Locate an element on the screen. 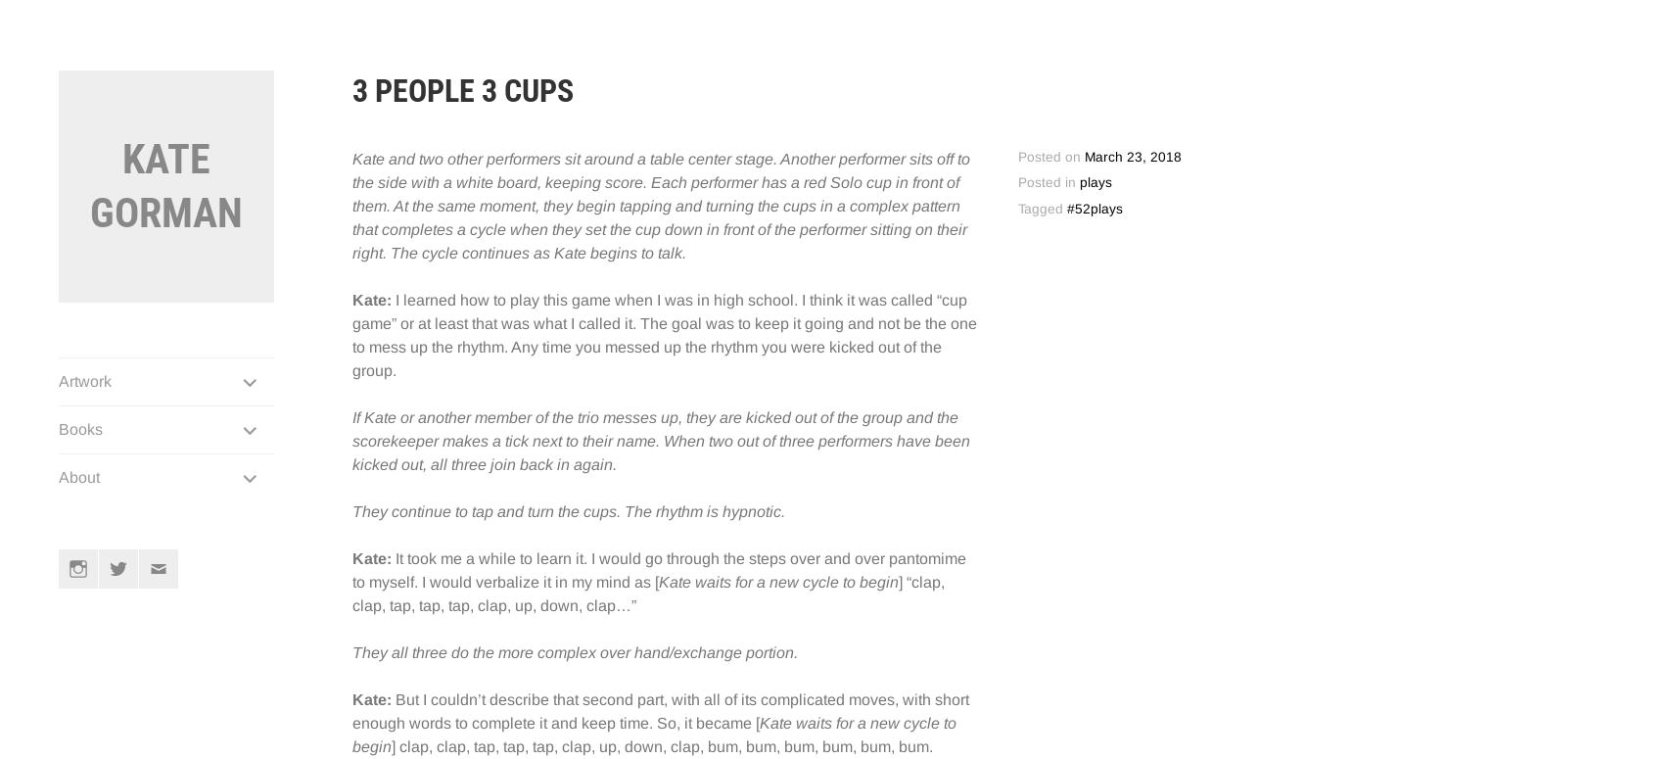  'It took me a while to learn it. I would go through the steps over and over pantomime to myself. I would verbalize it in my mind as [' is located at coordinates (659, 568).